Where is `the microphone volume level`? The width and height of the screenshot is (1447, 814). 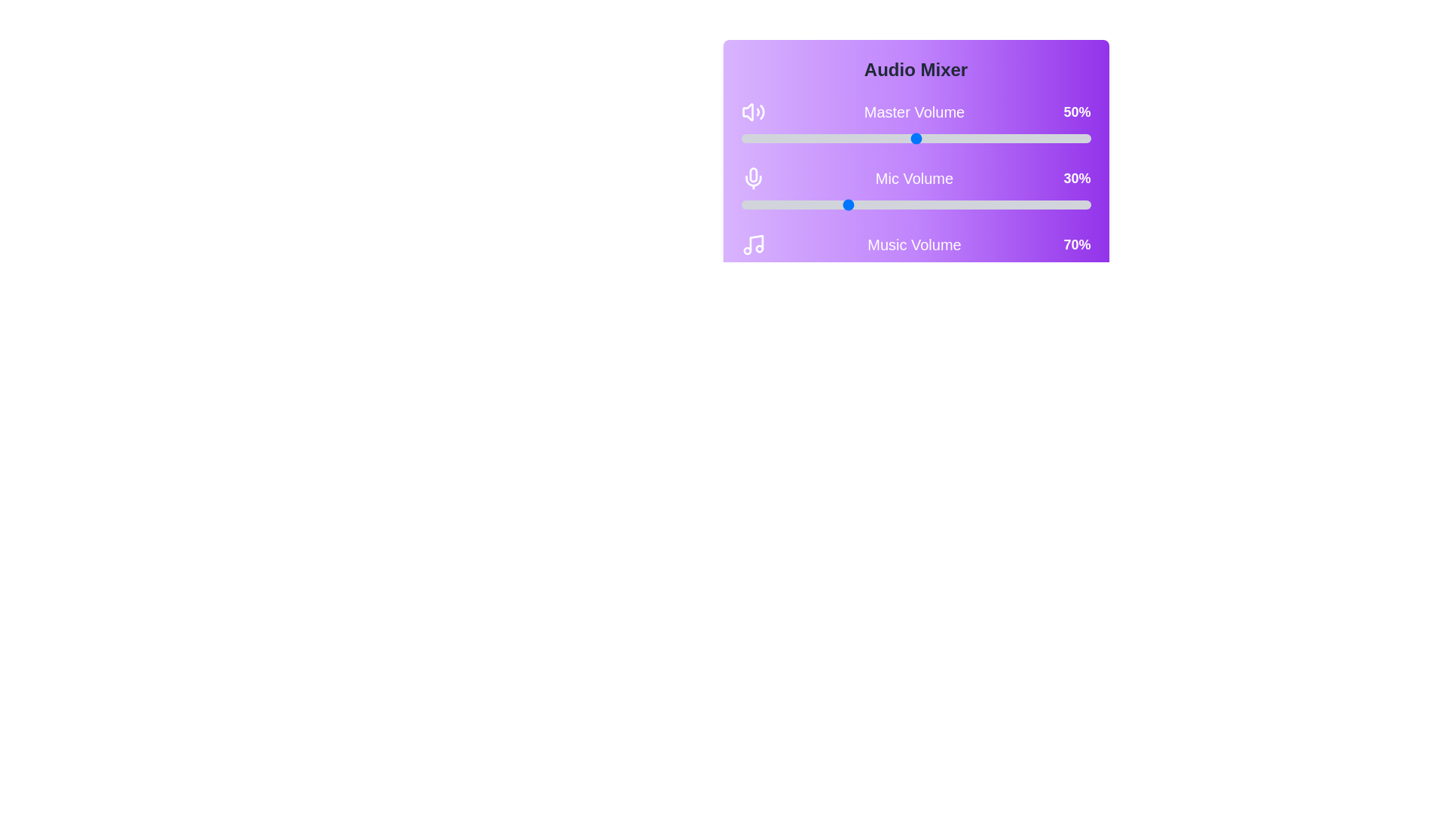
the microphone volume level is located at coordinates (1020, 205).